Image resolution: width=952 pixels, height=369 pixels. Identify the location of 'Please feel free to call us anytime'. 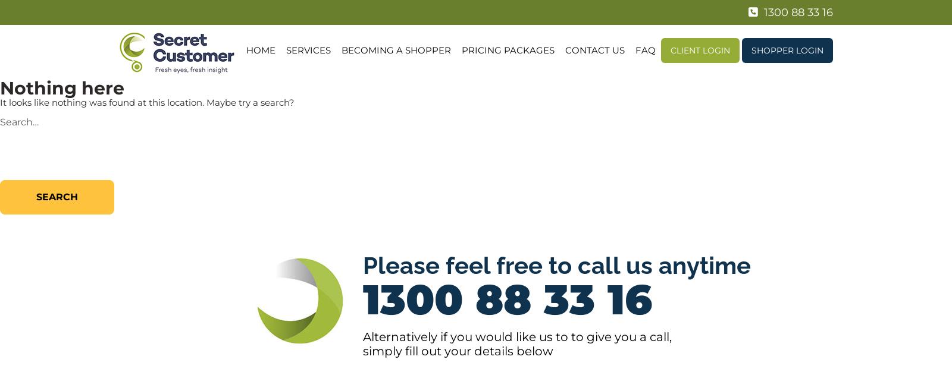
(556, 265).